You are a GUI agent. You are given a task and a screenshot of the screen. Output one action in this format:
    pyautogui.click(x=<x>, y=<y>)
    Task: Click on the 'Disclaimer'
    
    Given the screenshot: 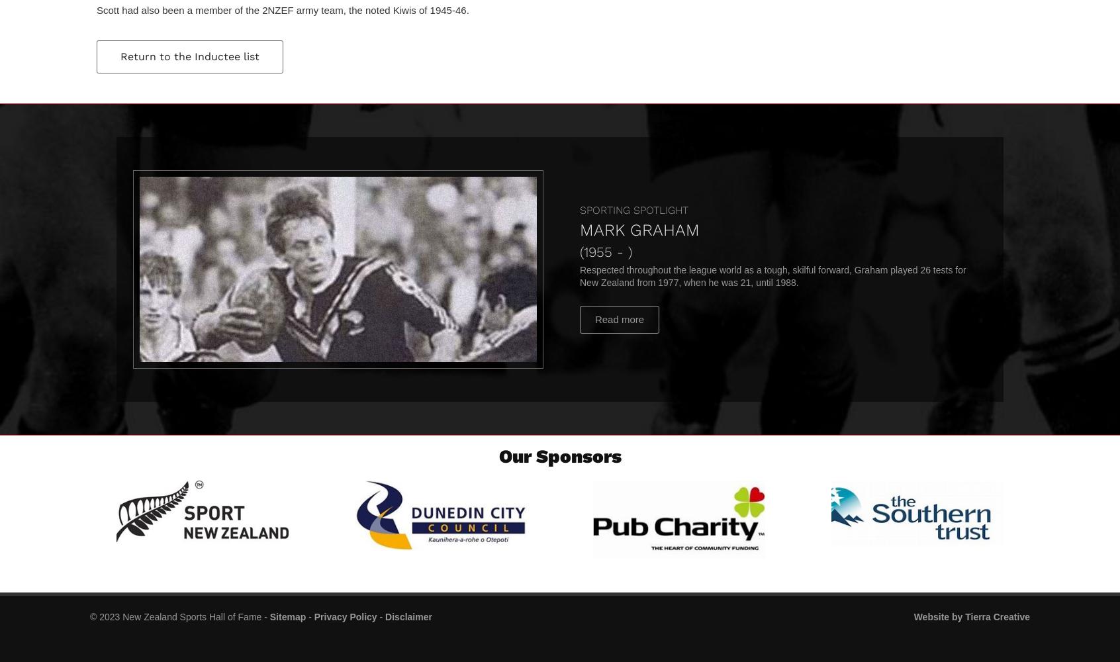 What is the action you would take?
    pyautogui.click(x=408, y=616)
    